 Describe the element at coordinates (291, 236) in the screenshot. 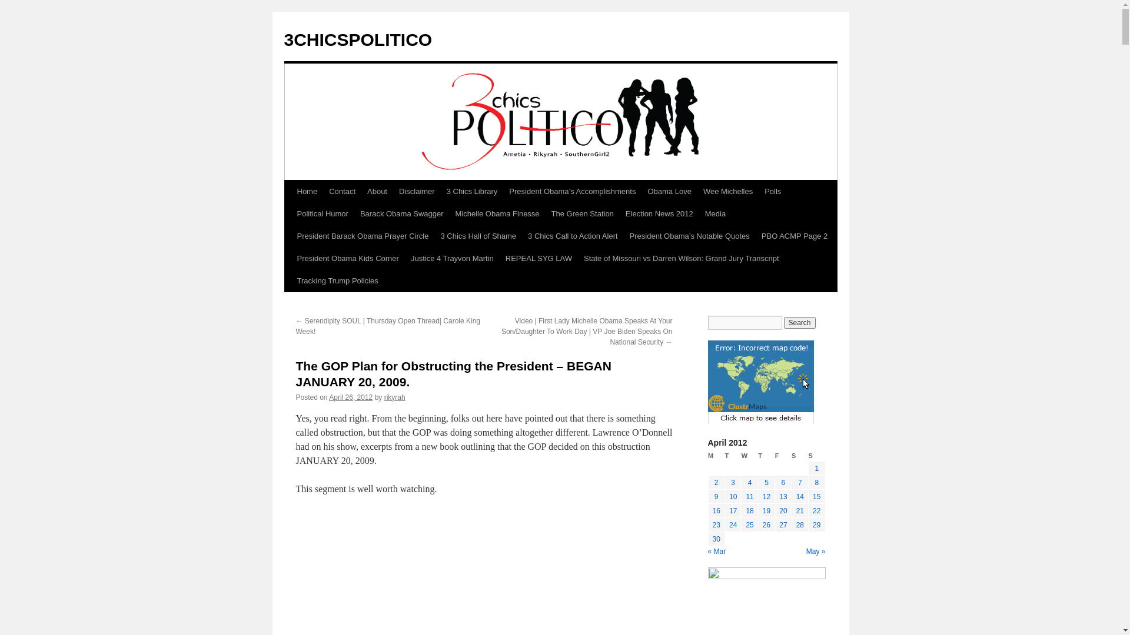

I see `'President Barack Obama Prayer Circle'` at that location.